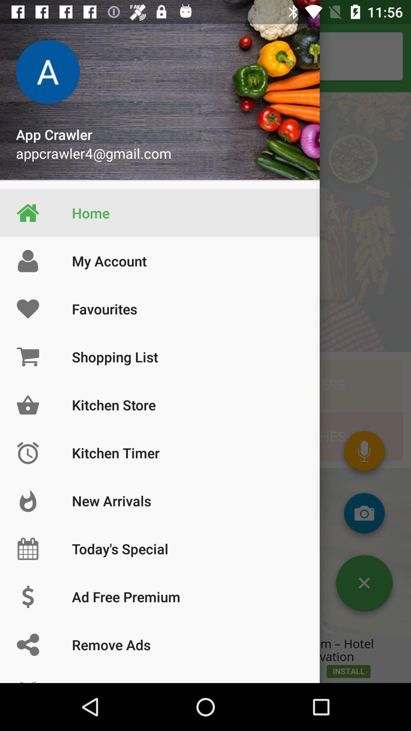 Image resolution: width=411 pixels, height=731 pixels. I want to click on the symbol which is left side of todays special, so click(27, 549).